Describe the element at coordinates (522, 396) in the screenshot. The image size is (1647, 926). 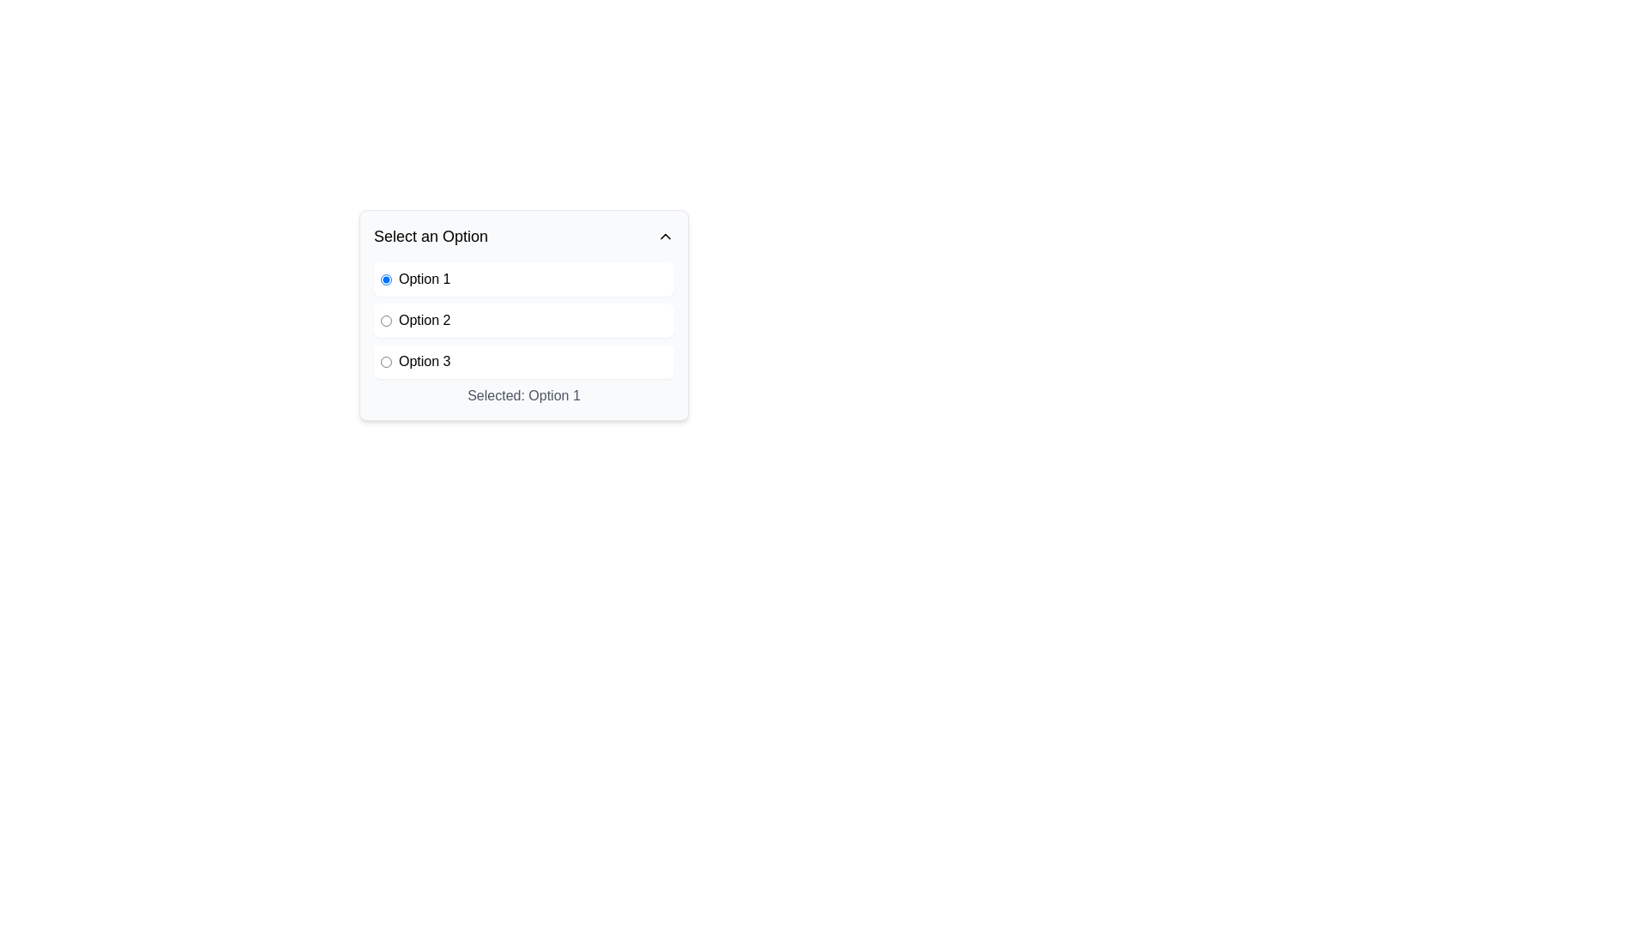
I see `the text label displaying 'Selected: Option 1', which is styled with a medium font size and gray color, positioned below the selectable options in a bordered card` at that location.